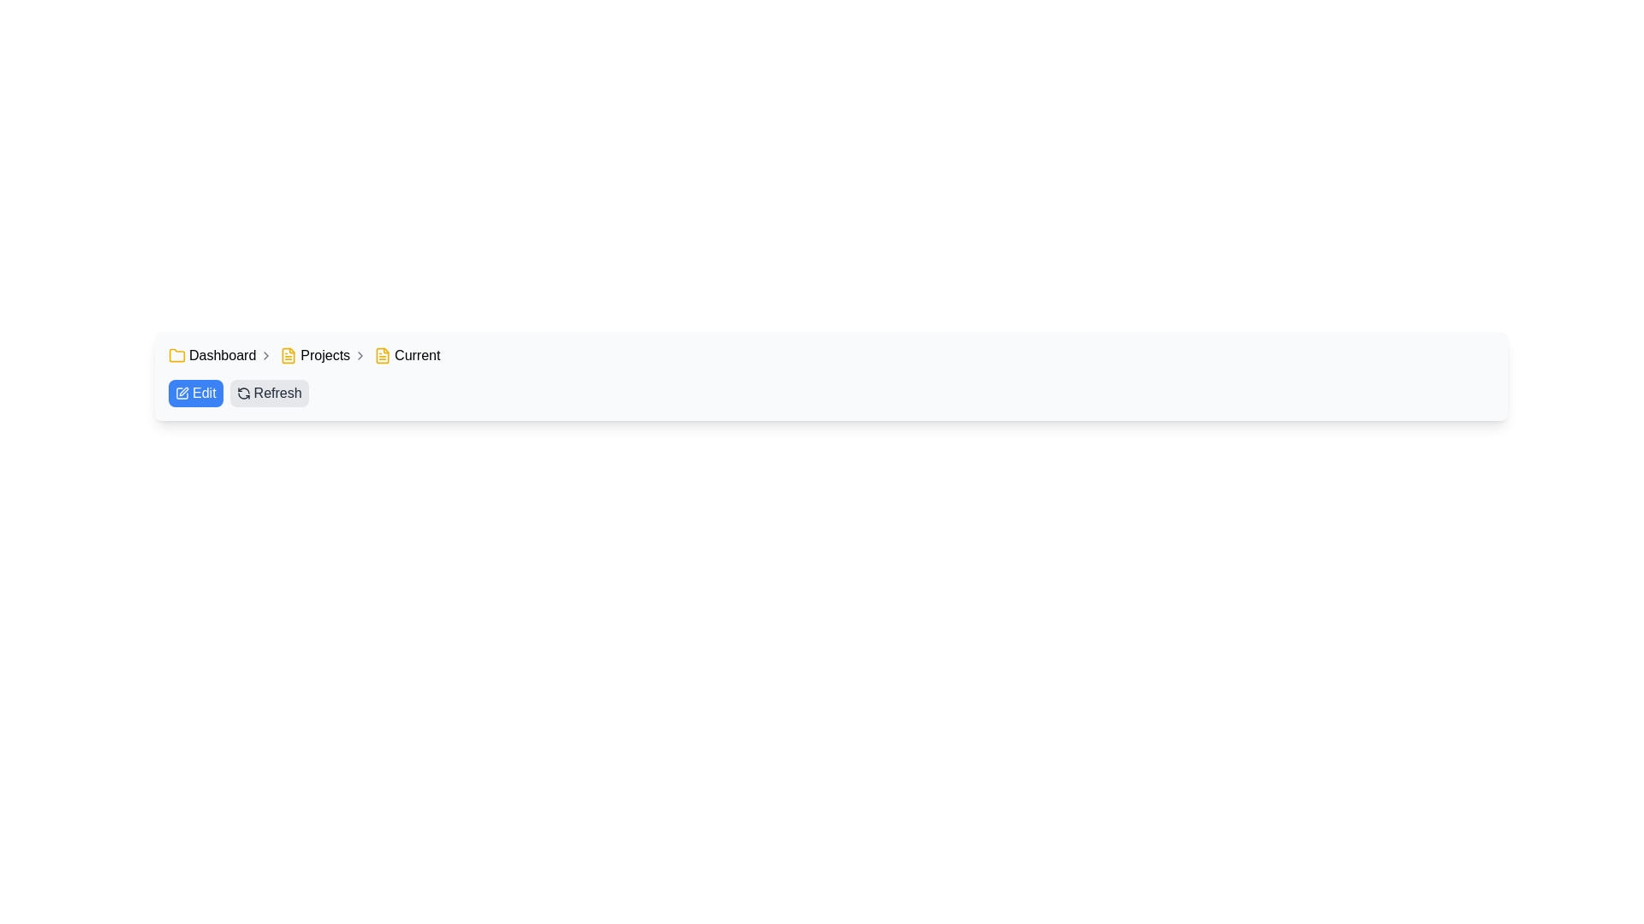  I want to click on the position of the small right-pointing gray arrow icon in the breadcrumb navigation bar, located between 'Dashboard' and 'Projects', so click(265, 355).